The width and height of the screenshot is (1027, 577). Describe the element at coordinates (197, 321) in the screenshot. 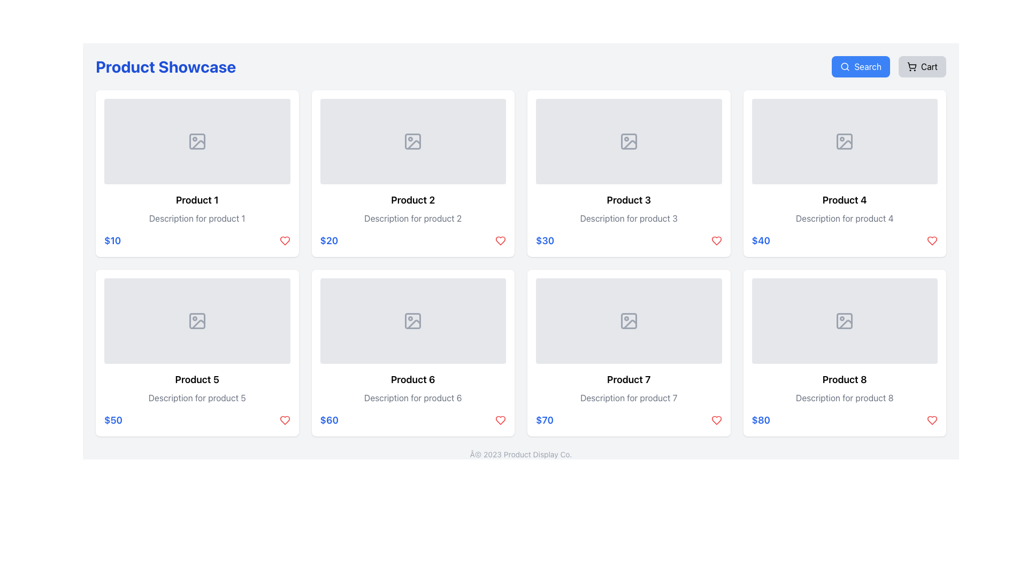

I see `the missing image icon in the top section of the product card labeled 'Product 5'` at that location.